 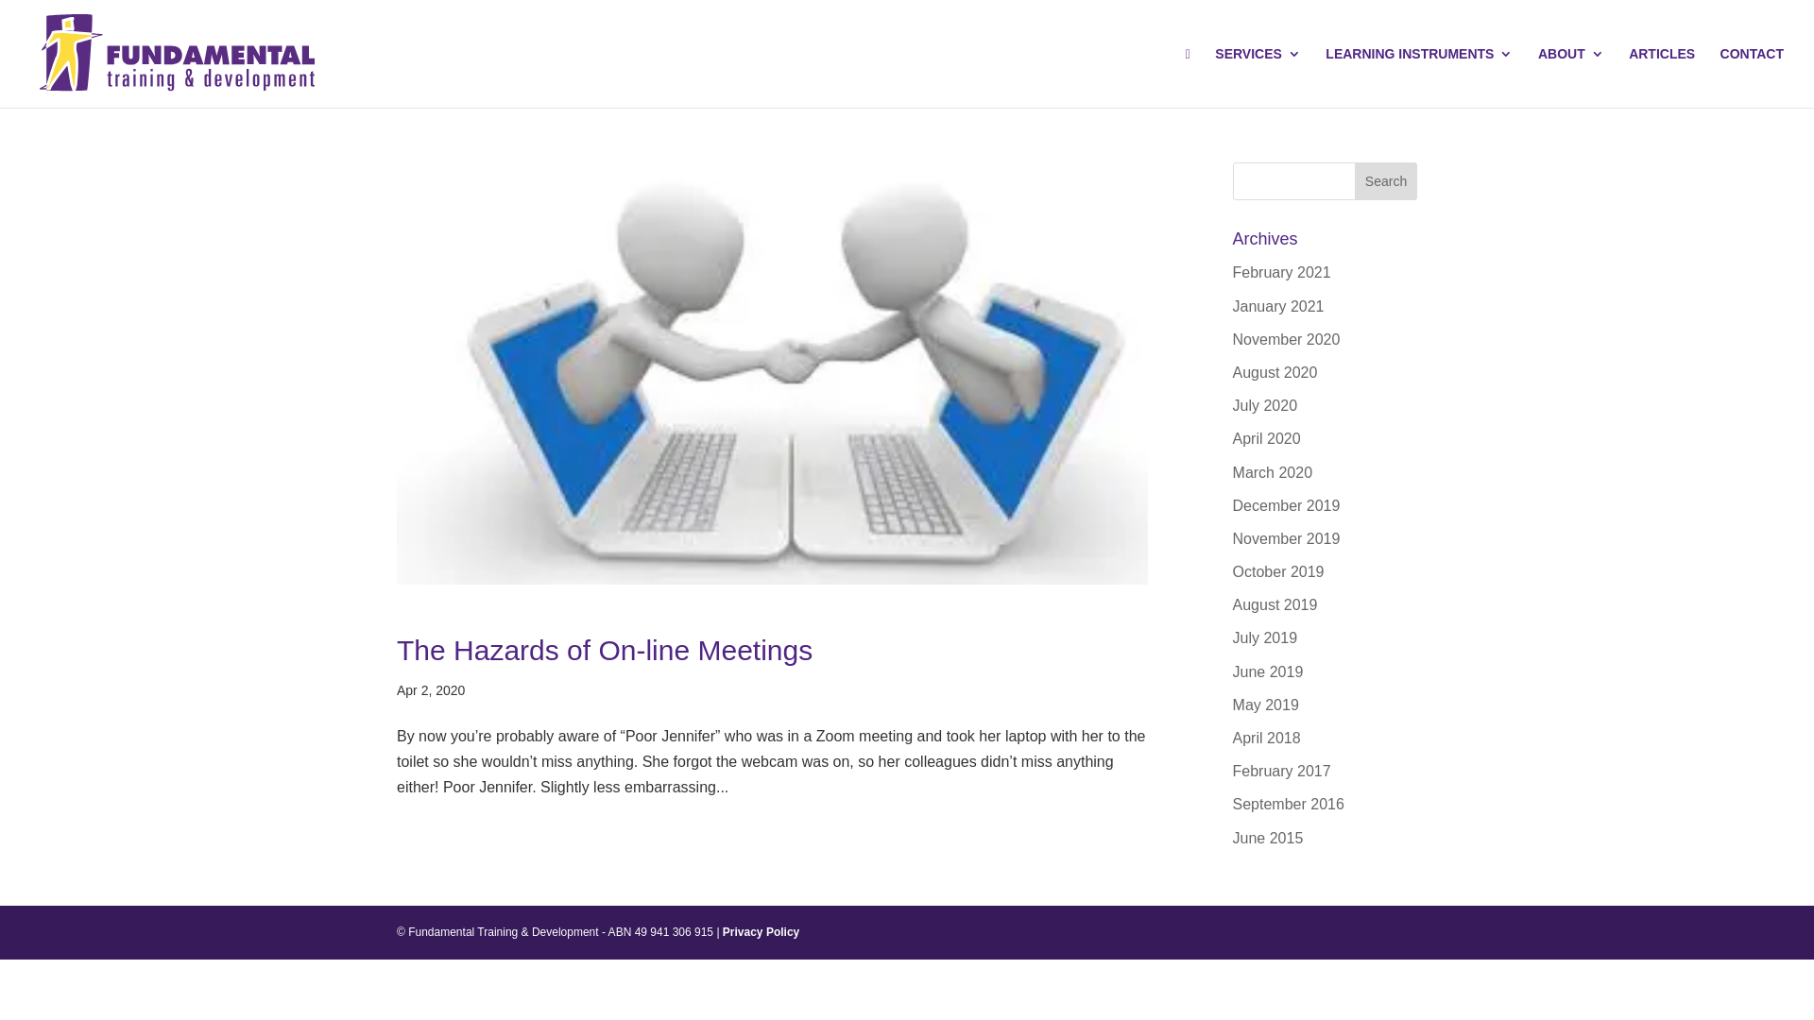 What do you see at coordinates (1419, 76) in the screenshot?
I see `'LEARNING INSTRUMENTS'` at bounding box center [1419, 76].